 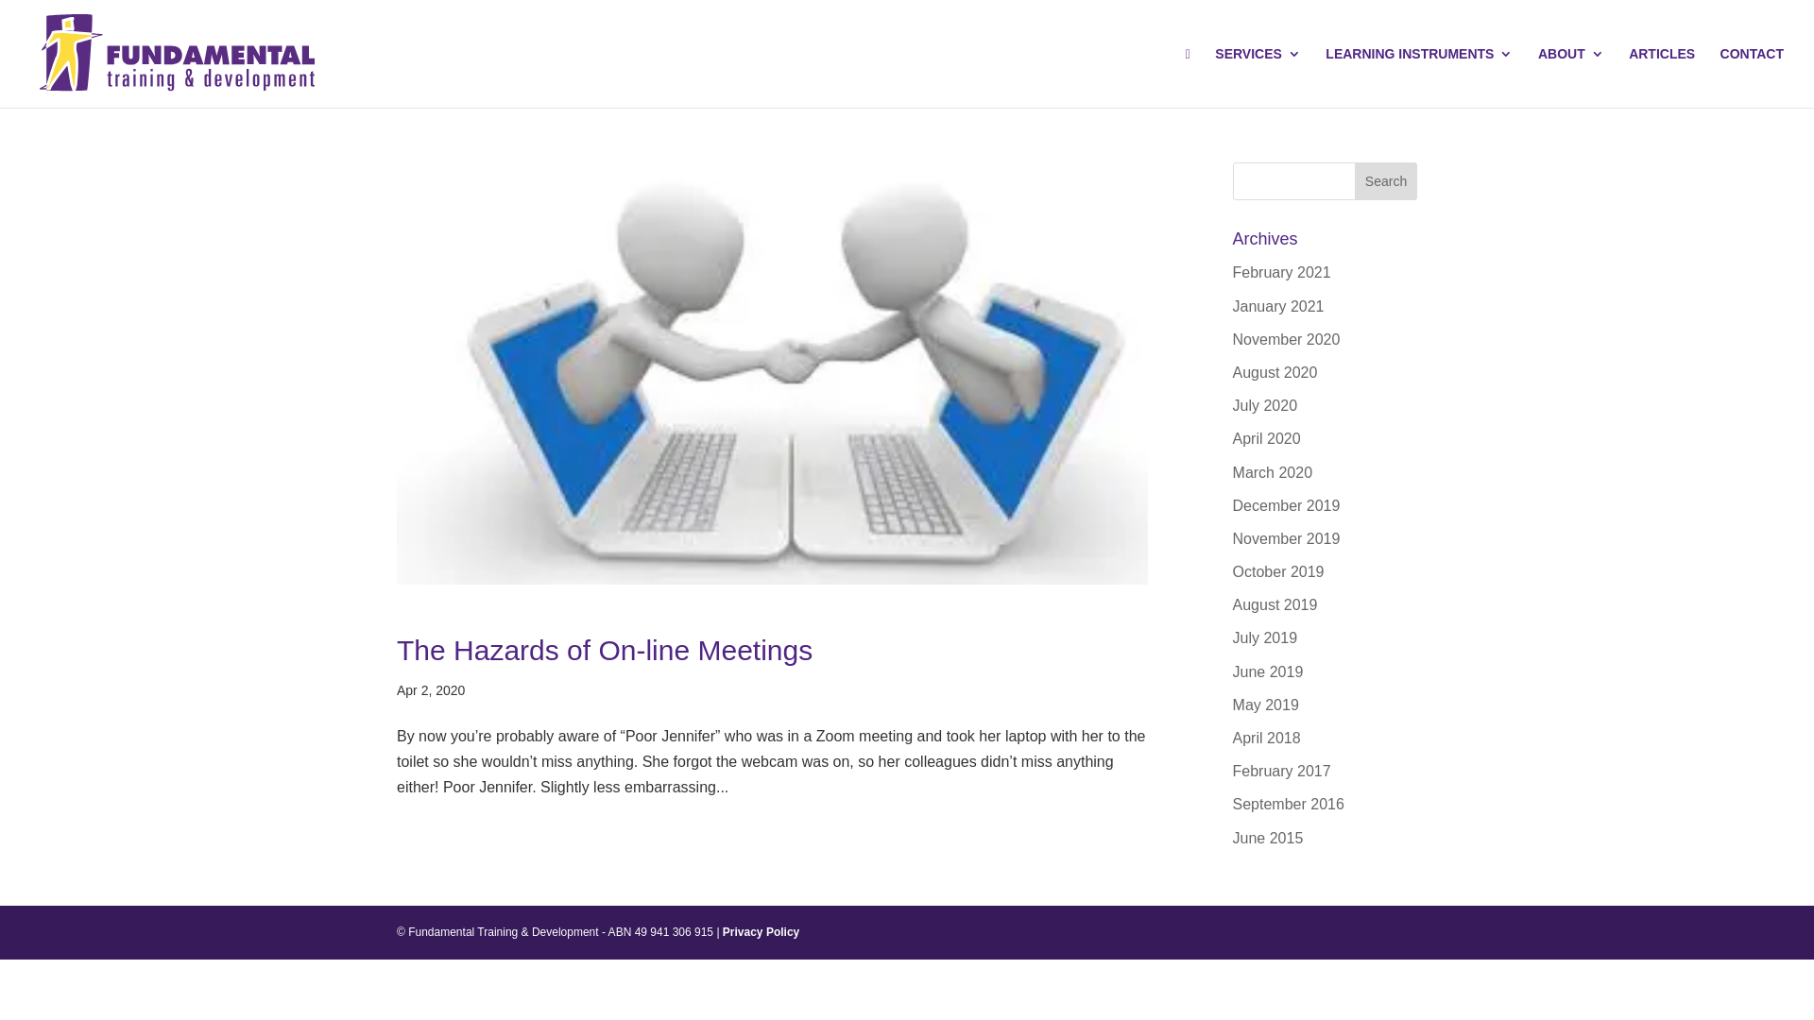 What do you see at coordinates (1419, 76) in the screenshot?
I see `'LEARNING INSTRUMENTS'` at bounding box center [1419, 76].